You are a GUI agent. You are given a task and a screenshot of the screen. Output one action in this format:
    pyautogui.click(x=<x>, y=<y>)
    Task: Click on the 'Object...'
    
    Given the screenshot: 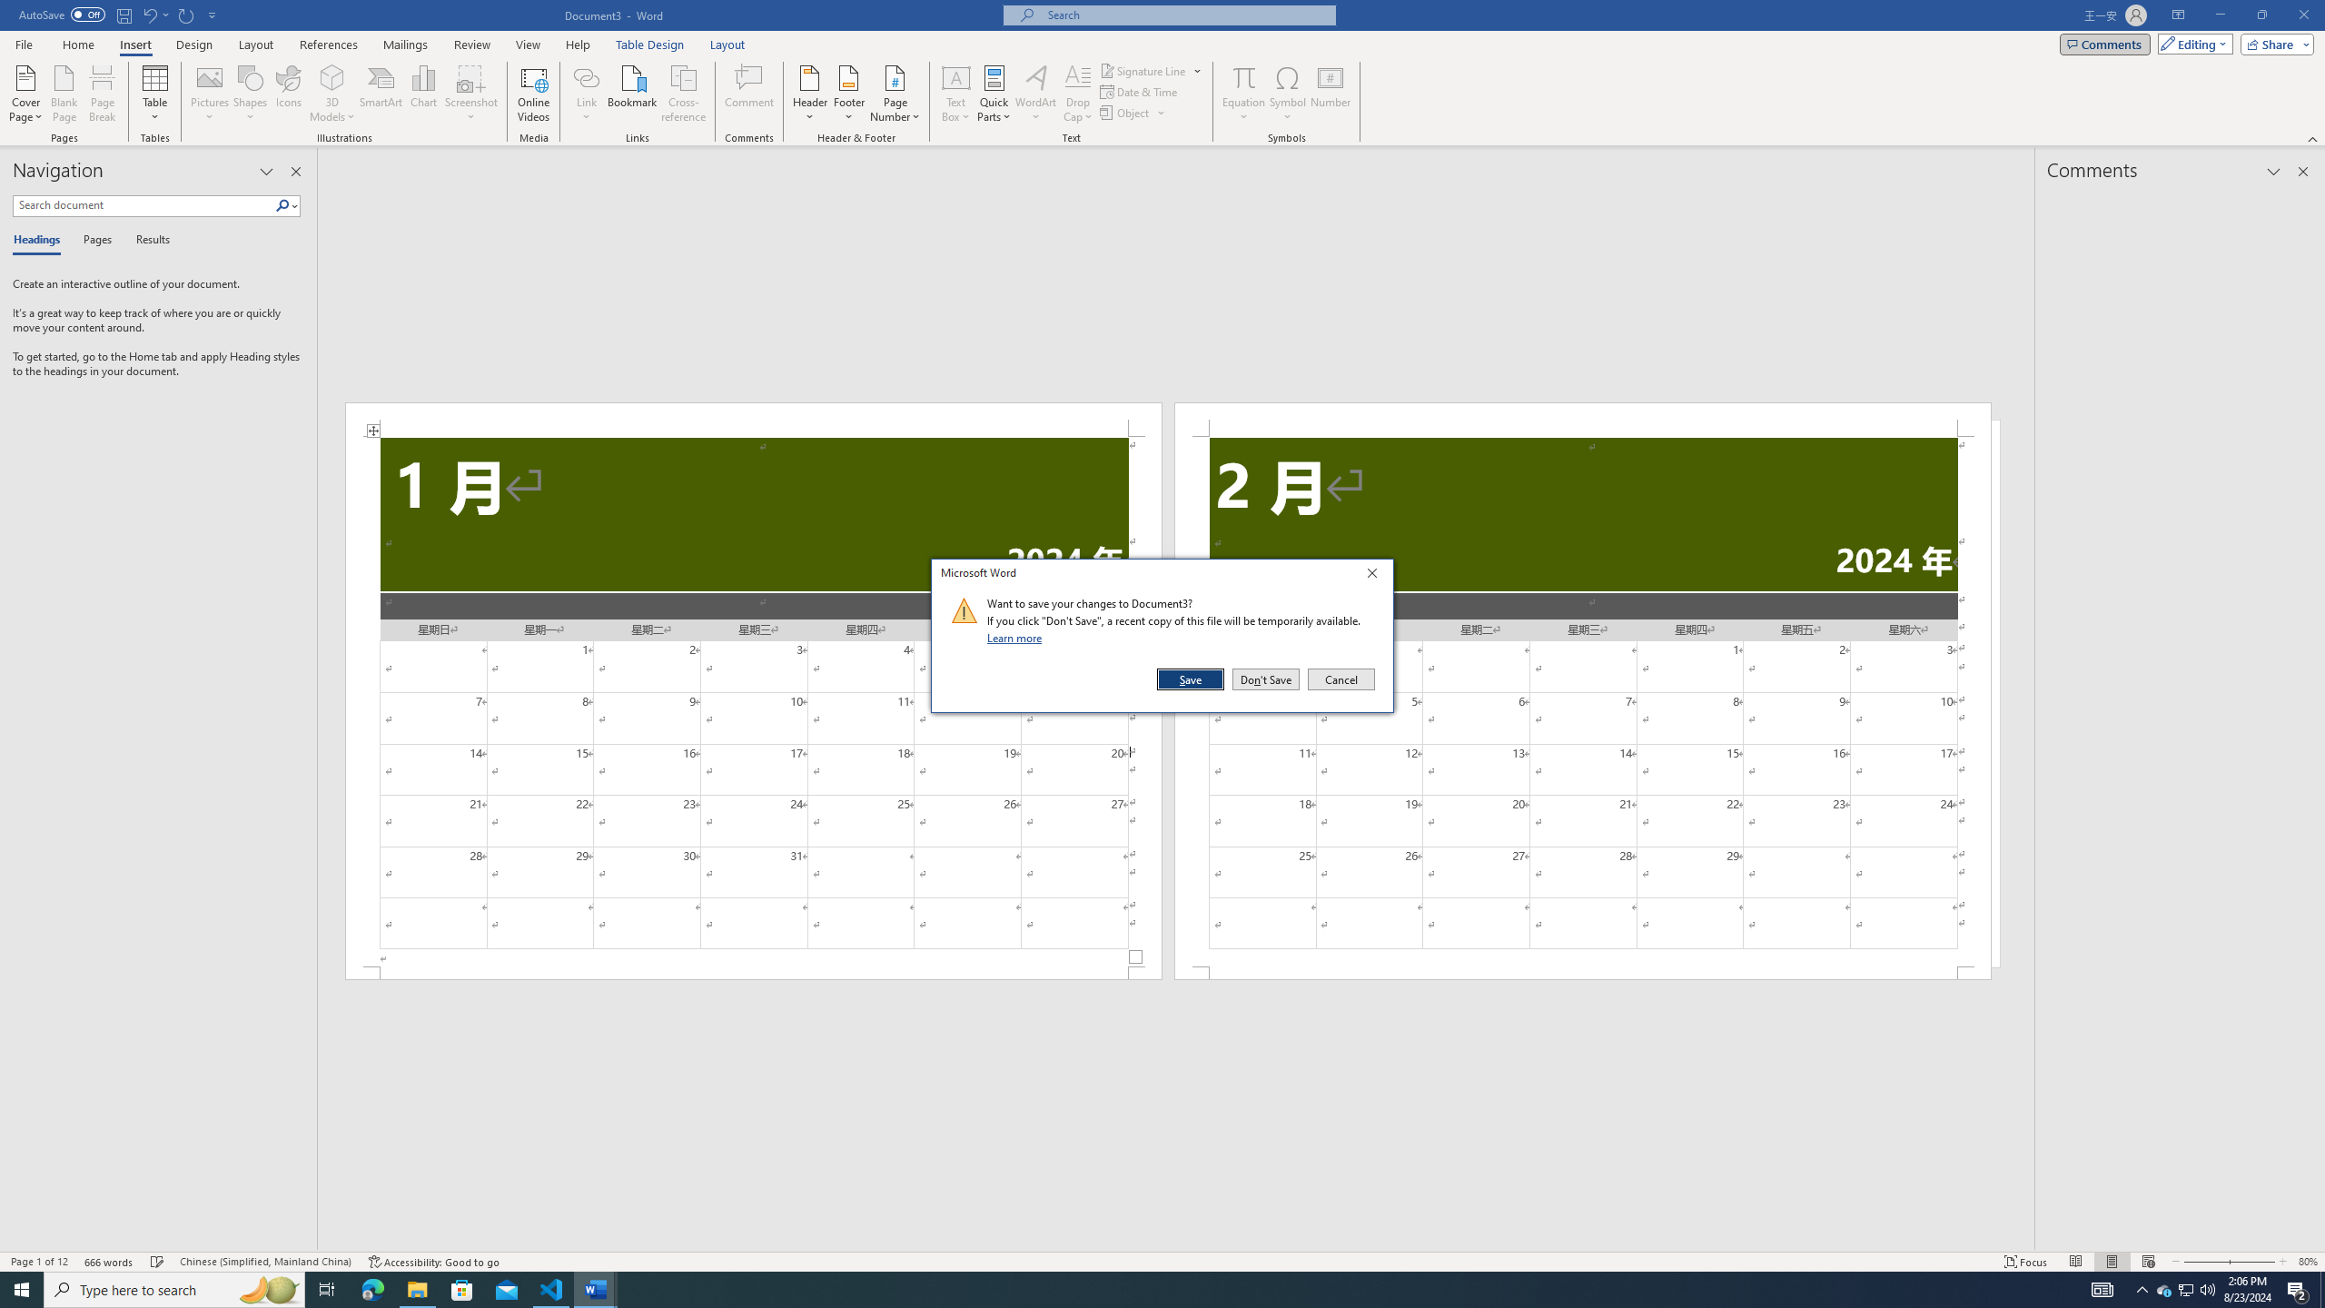 What is the action you would take?
    pyautogui.click(x=1133, y=111)
    